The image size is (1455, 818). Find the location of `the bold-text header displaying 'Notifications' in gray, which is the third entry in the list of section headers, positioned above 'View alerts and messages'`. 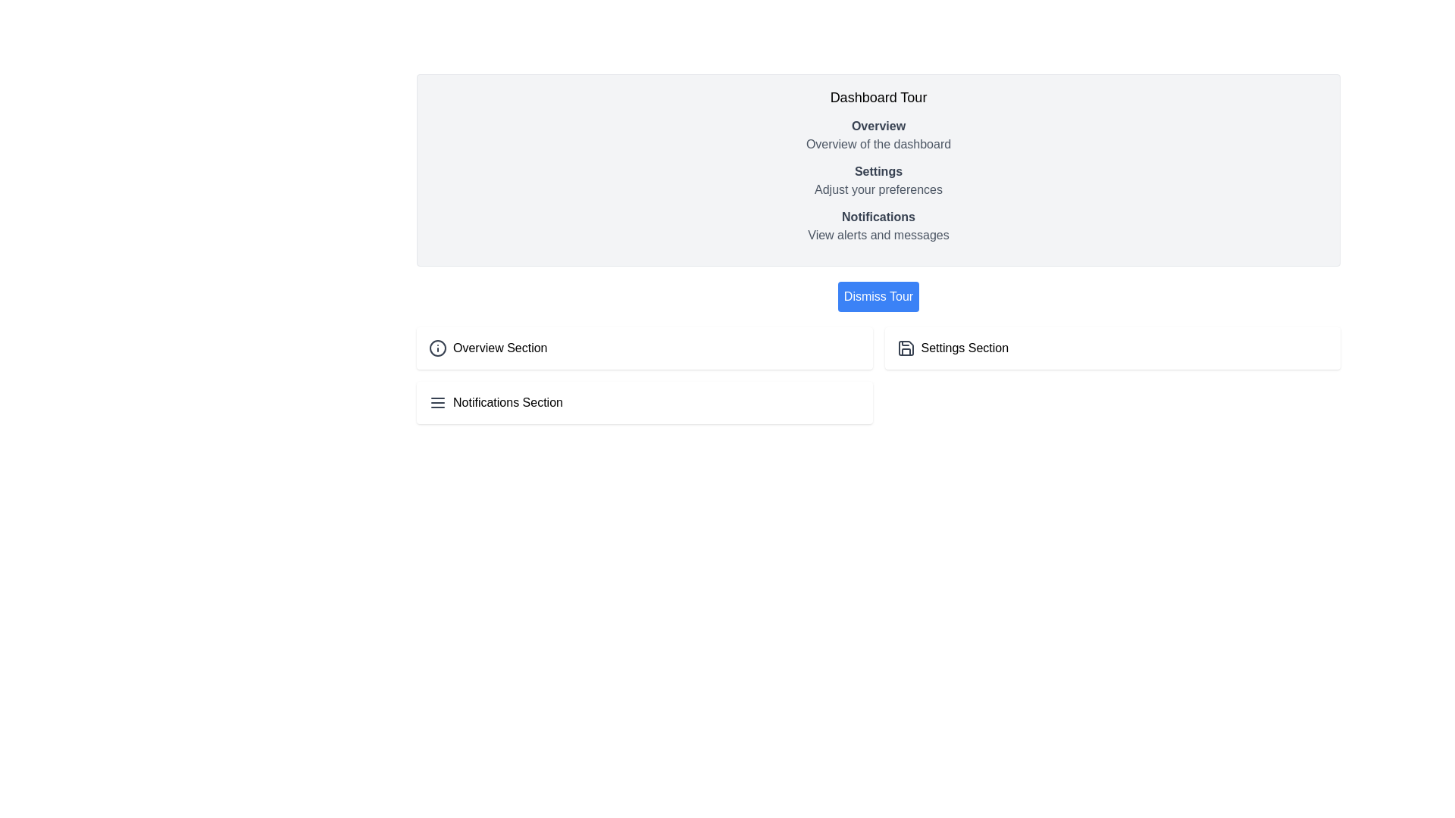

the bold-text header displaying 'Notifications' in gray, which is the third entry in the list of section headers, positioned above 'View alerts and messages' is located at coordinates (878, 217).